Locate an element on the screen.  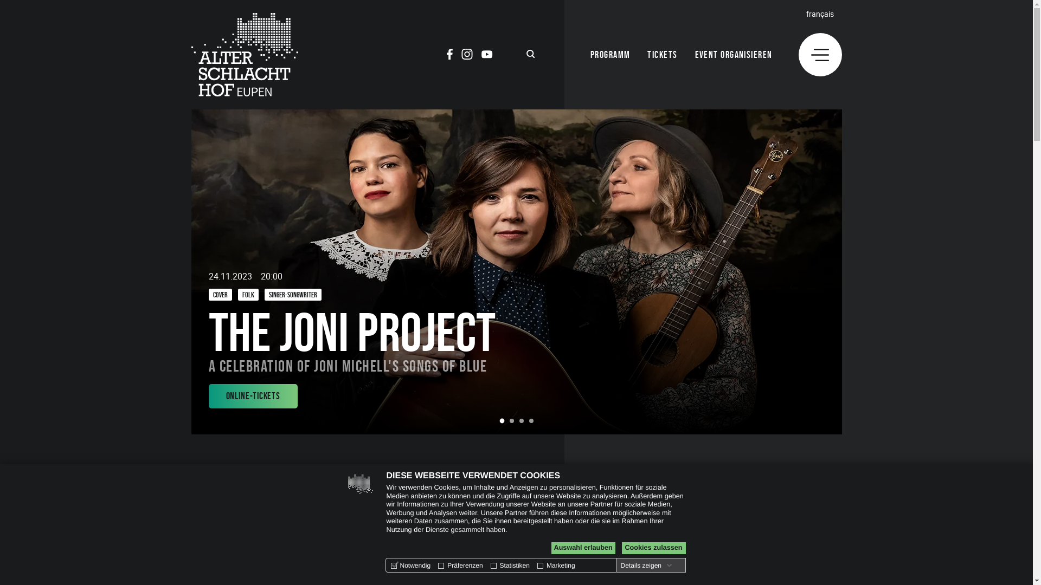
'PROGRAMM' is located at coordinates (611, 55).